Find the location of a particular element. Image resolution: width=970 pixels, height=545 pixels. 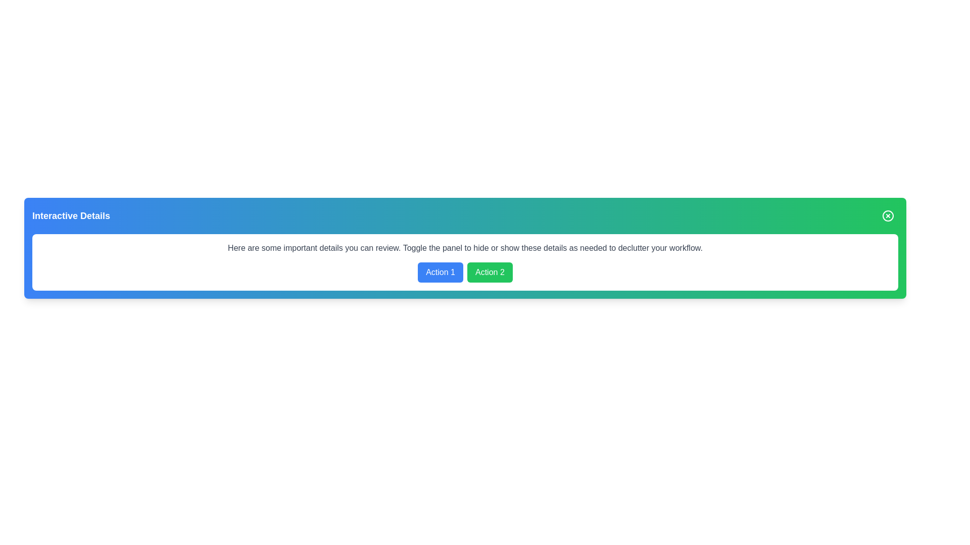

the informational text block located near the top of the white rounded box, which is positioned centrally above the 'Action 1' and 'Action 2' buttons is located at coordinates (465, 248).